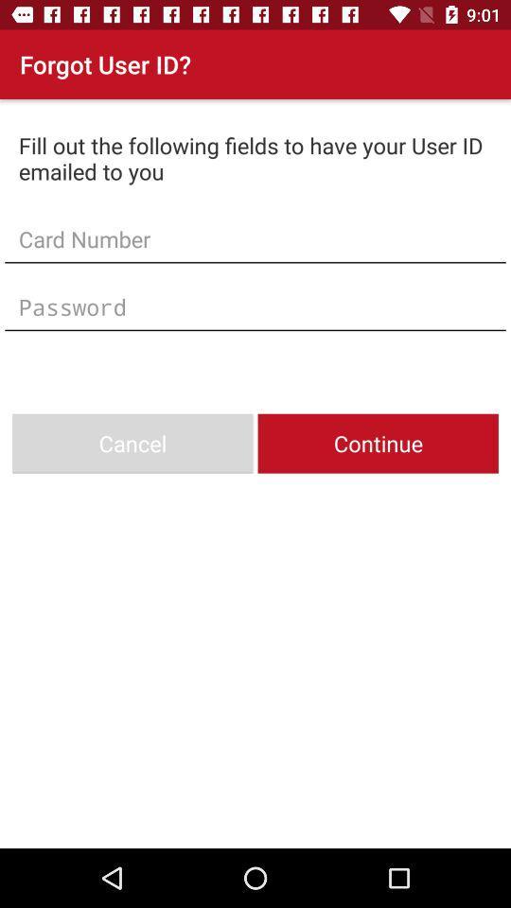 The height and width of the screenshot is (908, 511). I want to click on type in your password, so click(255, 306).